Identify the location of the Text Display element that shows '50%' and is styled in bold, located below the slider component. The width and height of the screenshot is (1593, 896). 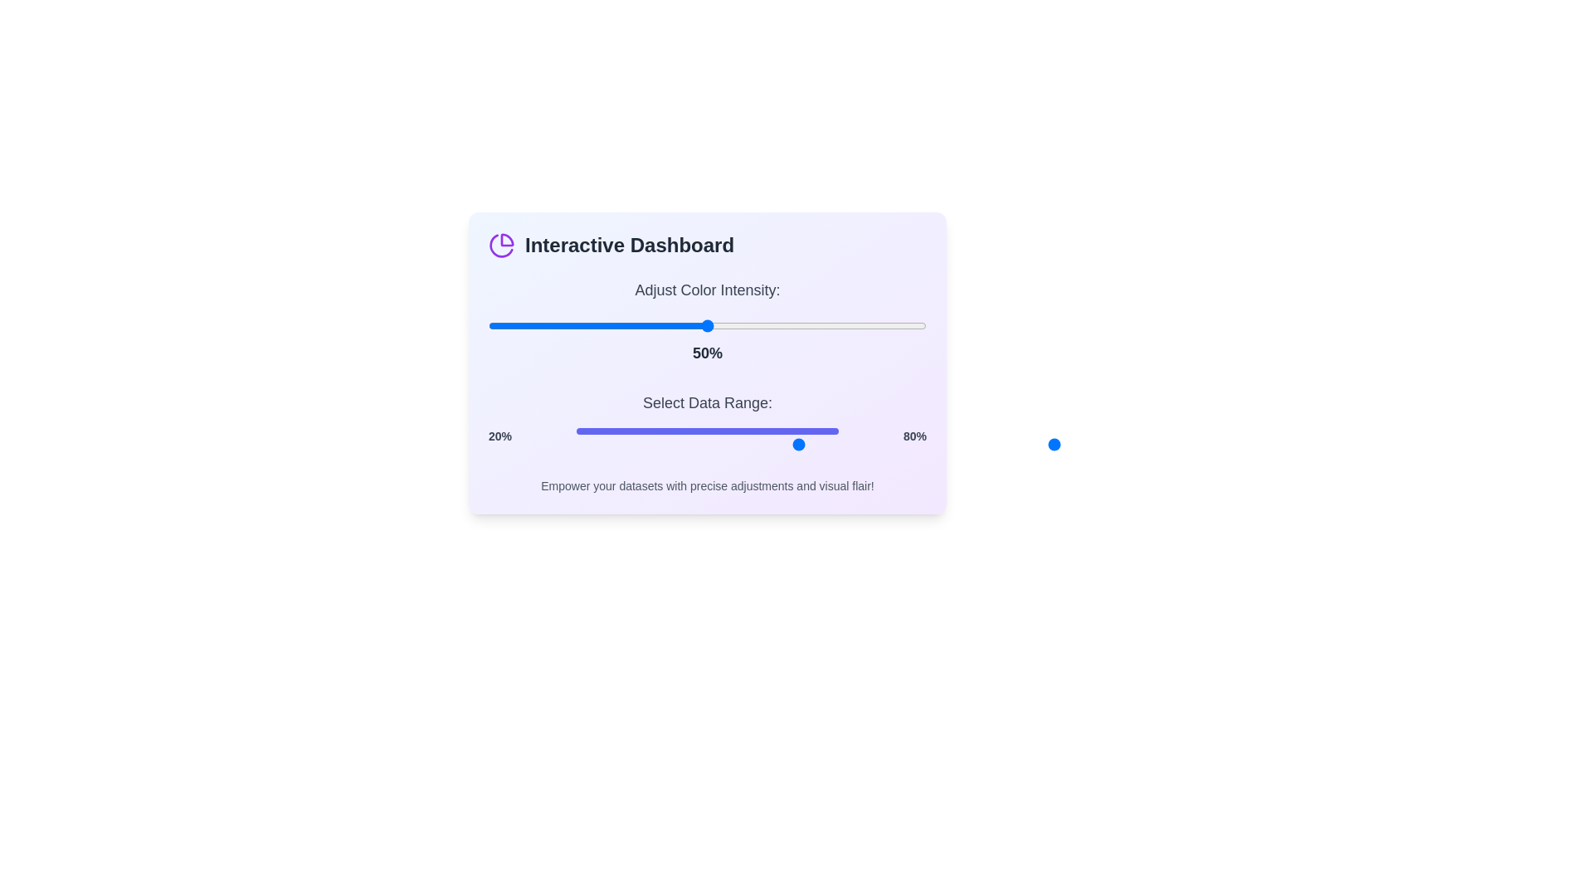
(708, 352).